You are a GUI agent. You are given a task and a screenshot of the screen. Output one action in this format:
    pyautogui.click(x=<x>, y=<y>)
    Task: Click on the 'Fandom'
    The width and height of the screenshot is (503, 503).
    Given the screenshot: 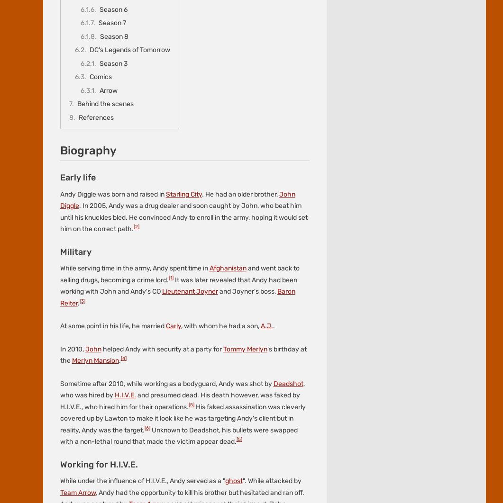 What is the action you would take?
    pyautogui.click(x=53, y=10)
    